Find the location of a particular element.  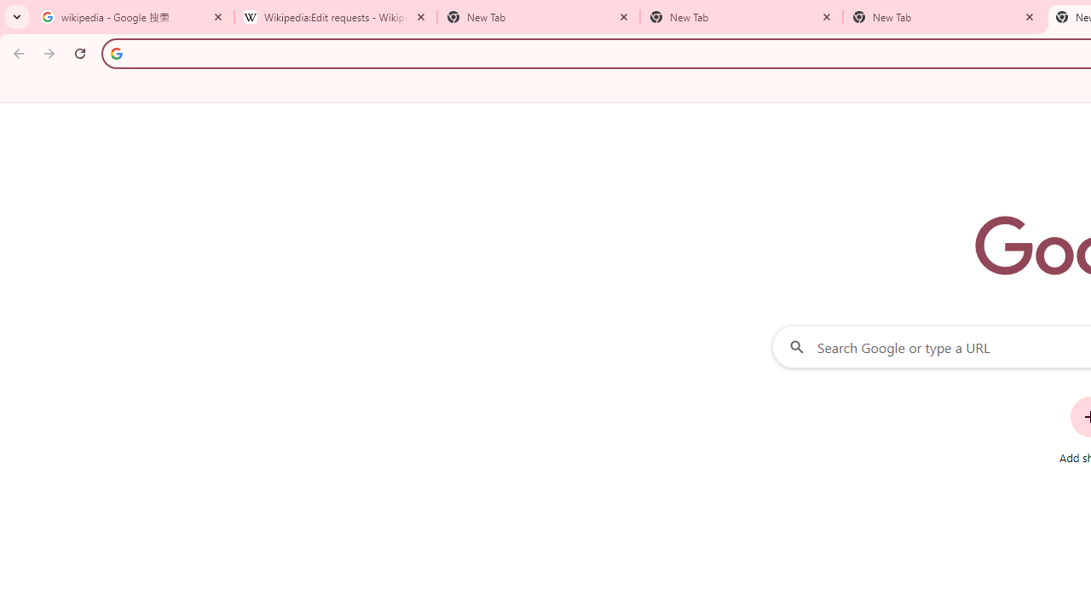

'Forward' is located at coordinates (49, 52).